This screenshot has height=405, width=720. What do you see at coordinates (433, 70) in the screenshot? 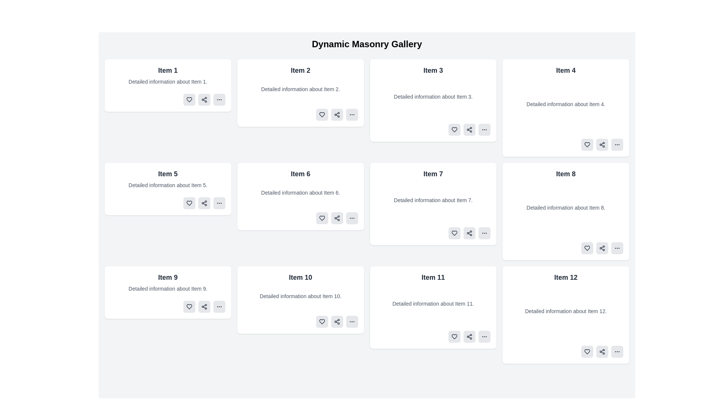
I see `the title text component located at the top of the third card in the first row of the grid layout, which serves as a heading for the card's content` at bounding box center [433, 70].